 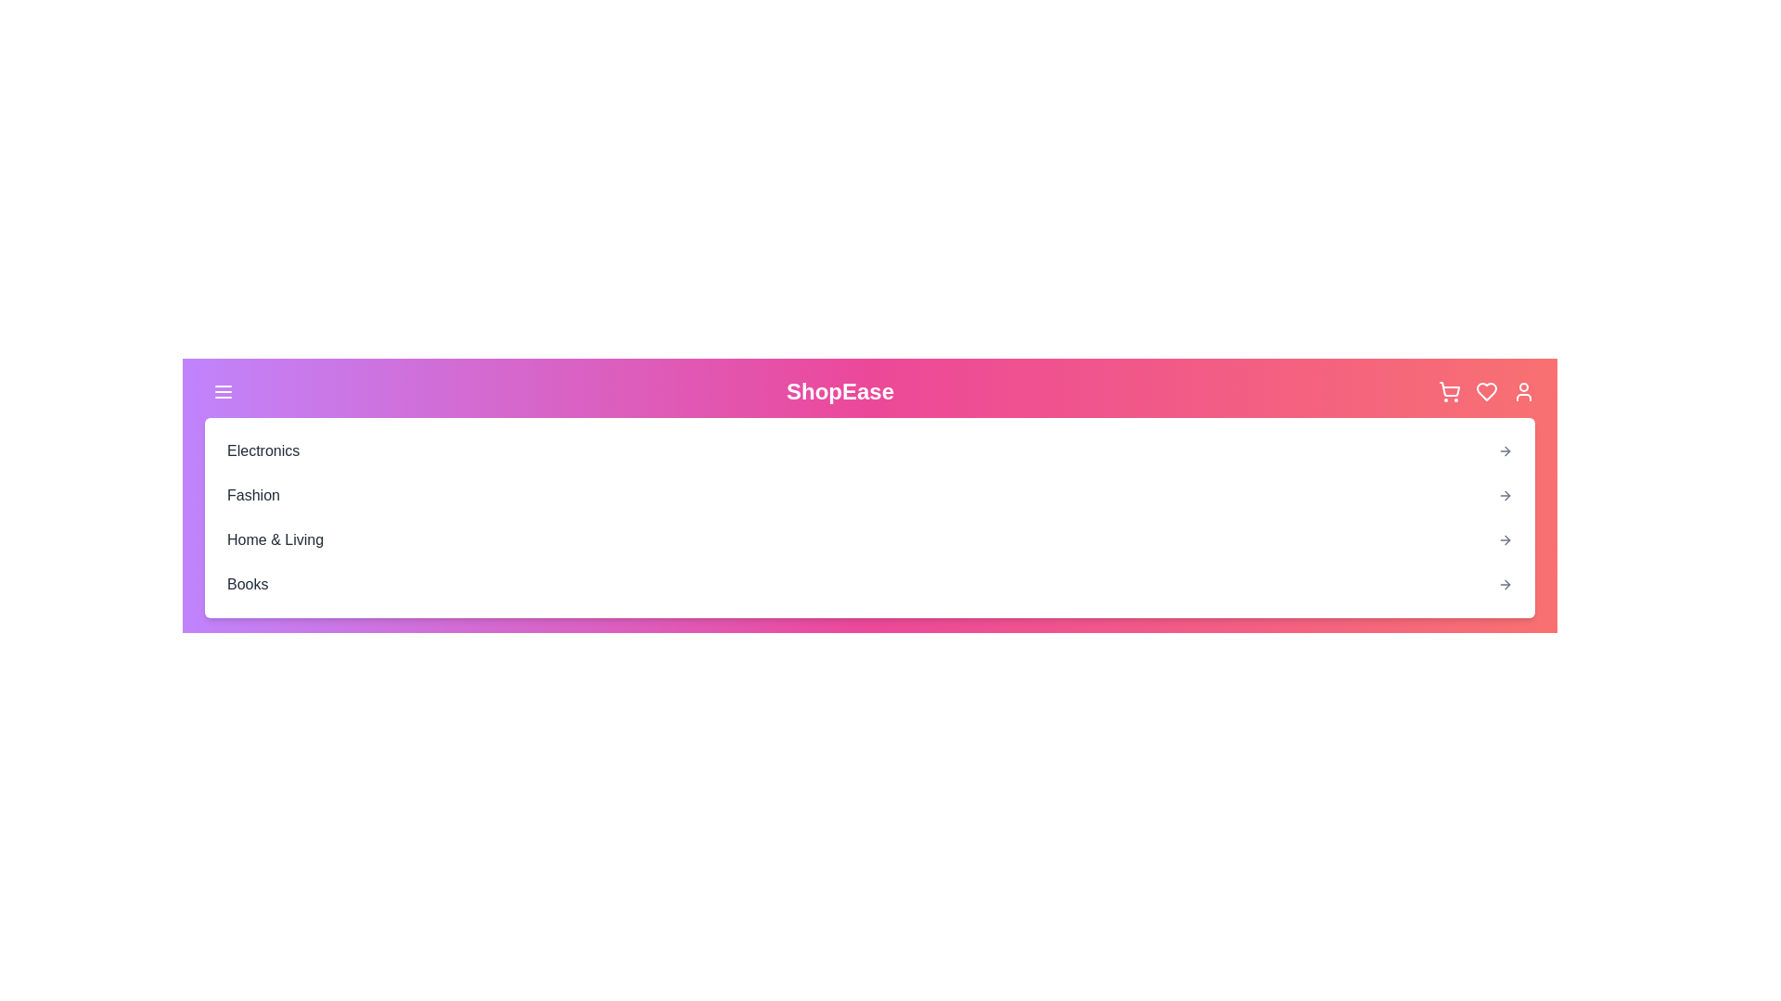 I want to click on the shopping cart icon located in the top-right corner of the app bar, so click(x=1449, y=391).